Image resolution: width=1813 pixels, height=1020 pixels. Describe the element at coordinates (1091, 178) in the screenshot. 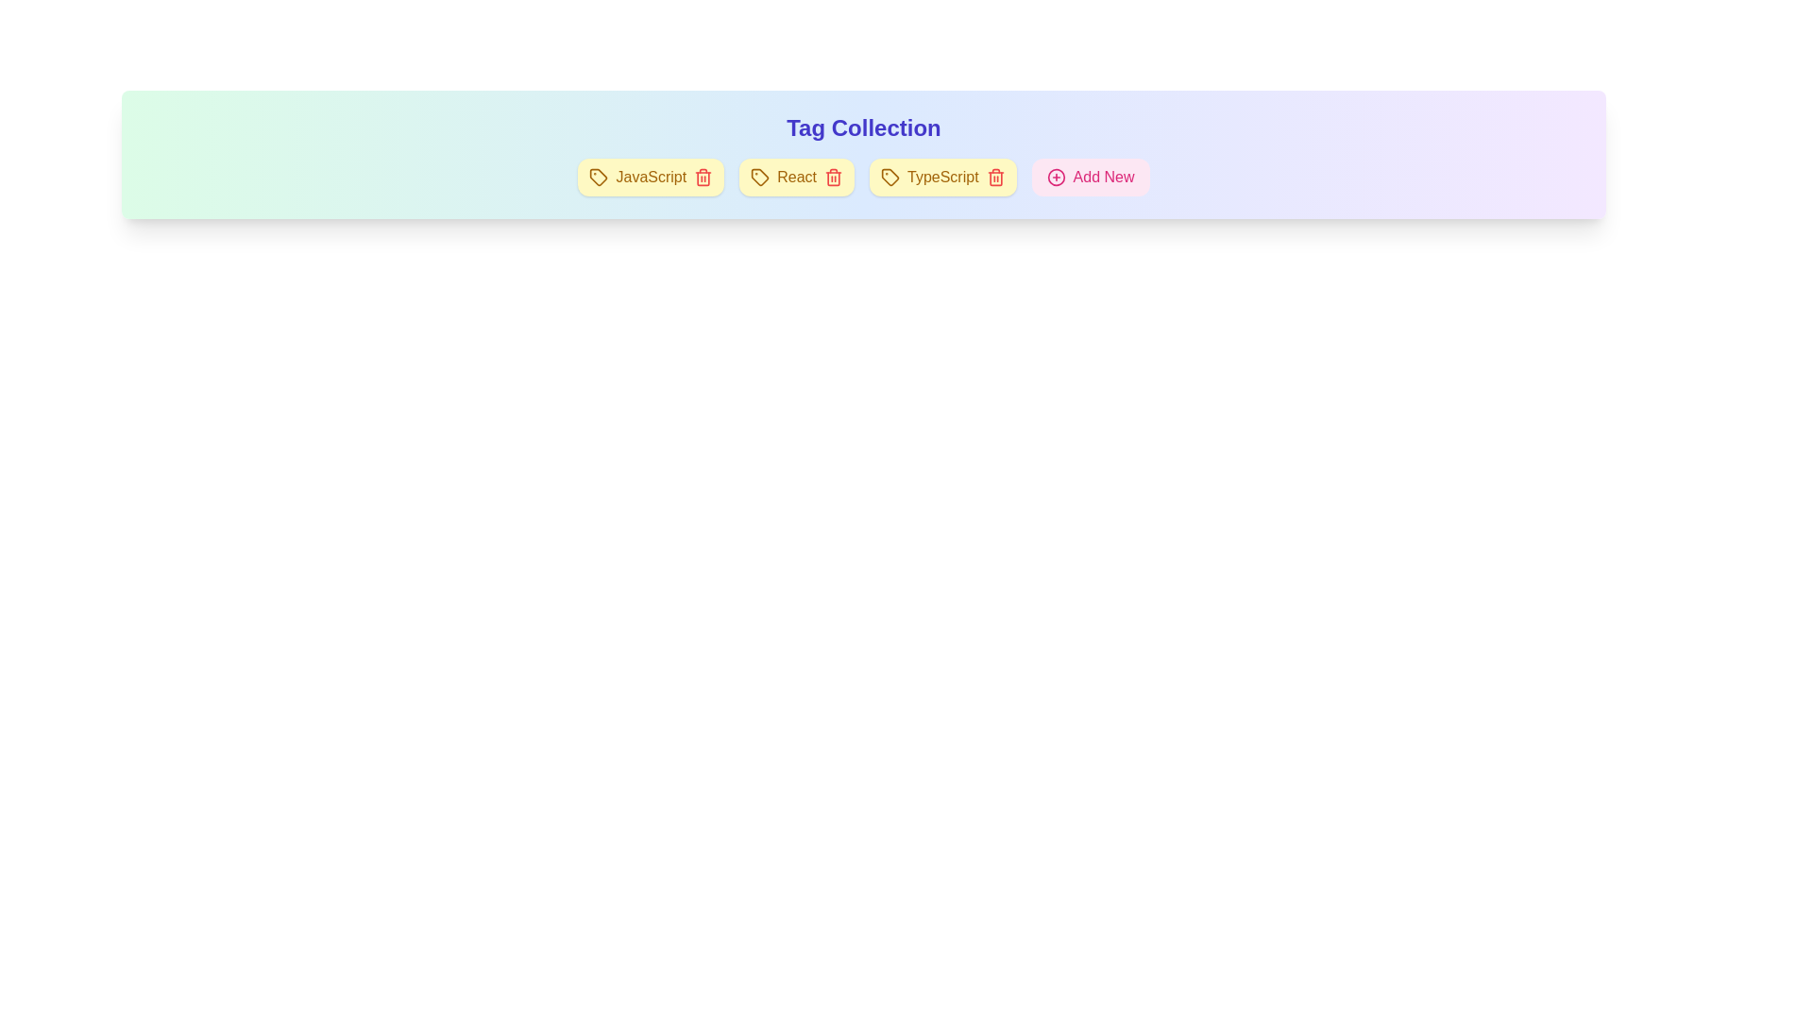

I see `the button located to the right of the 'TypeScript' tag in the 'Tag Collection' section` at that location.